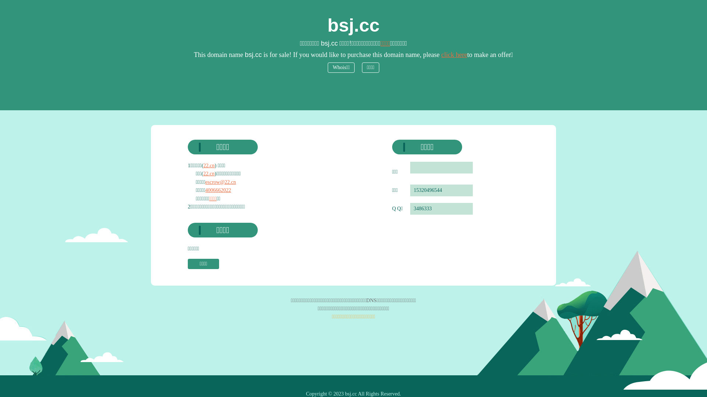 This screenshot has width=707, height=397. Describe the element at coordinates (220, 182) in the screenshot. I see `'escrow@22.cn'` at that location.